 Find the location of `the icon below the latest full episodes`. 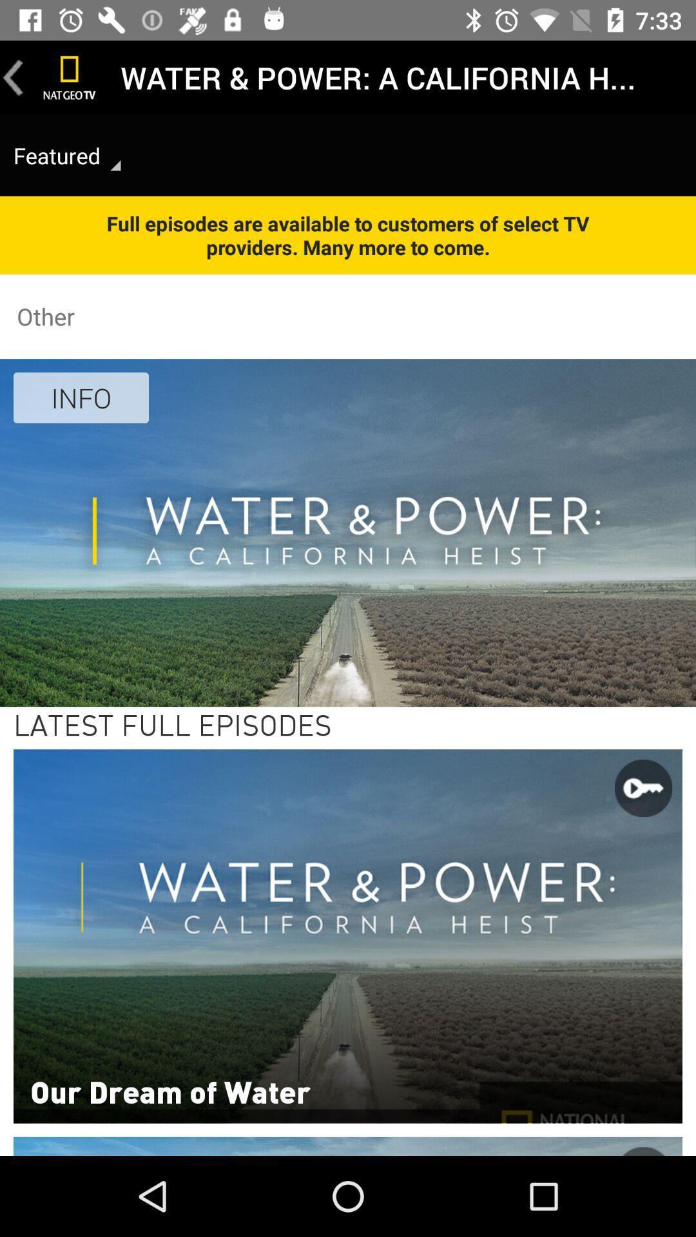

the icon below the latest full episodes is located at coordinates (169, 1090).